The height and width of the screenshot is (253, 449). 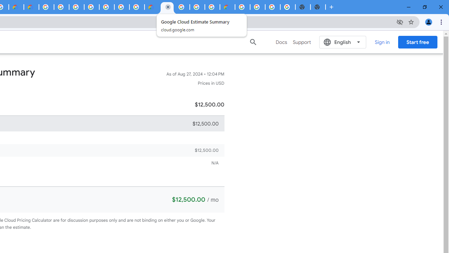 What do you see at coordinates (281, 42) in the screenshot?
I see `'Docs'` at bounding box center [281, 42].